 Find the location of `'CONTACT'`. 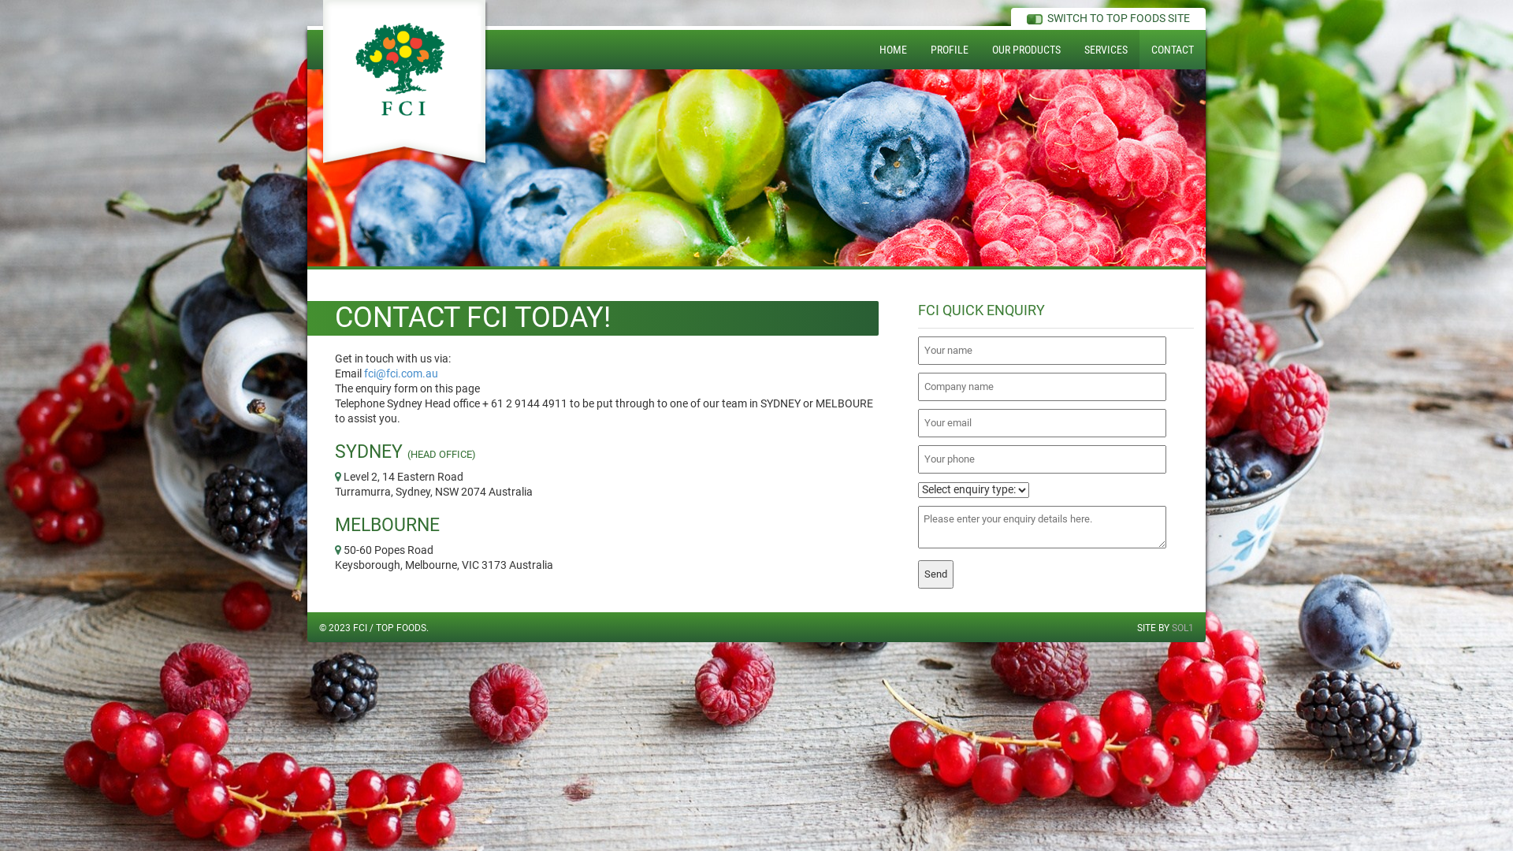

'CONTACT' is located at coordinates (1139, 48).